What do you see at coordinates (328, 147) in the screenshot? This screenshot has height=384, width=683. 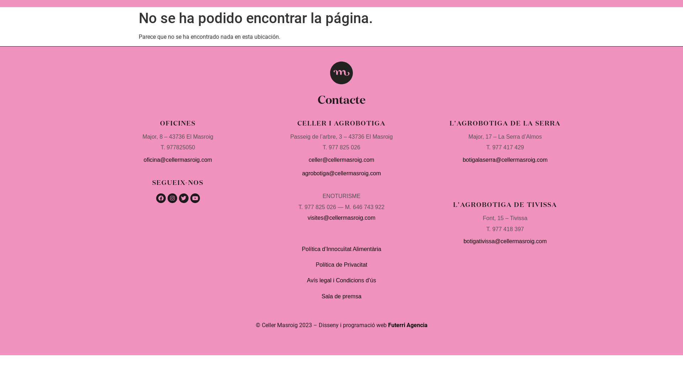 I see `'977 825 026'` at bounding box center [328, 147].